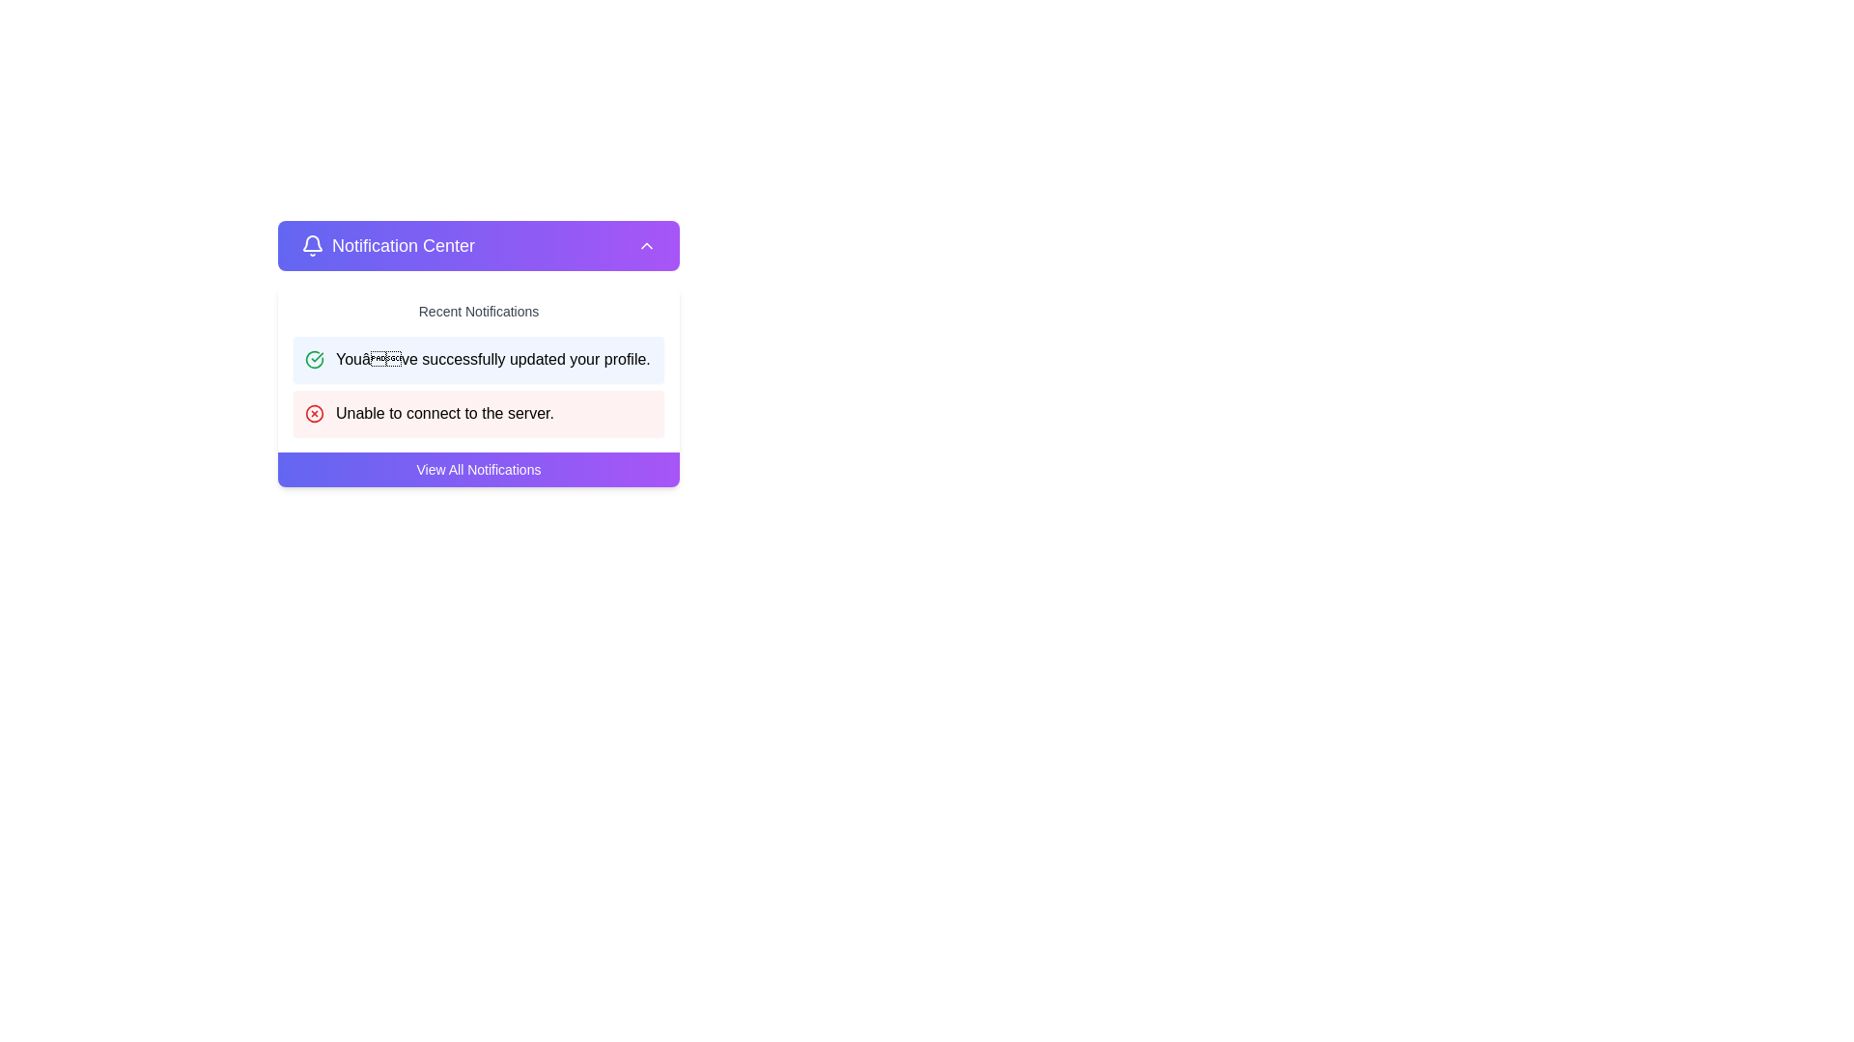  Describe the element at coordinates (443, 412) in the screenshot. I see `the notification message labeled 'Unable to connect to the server.'` at that location.